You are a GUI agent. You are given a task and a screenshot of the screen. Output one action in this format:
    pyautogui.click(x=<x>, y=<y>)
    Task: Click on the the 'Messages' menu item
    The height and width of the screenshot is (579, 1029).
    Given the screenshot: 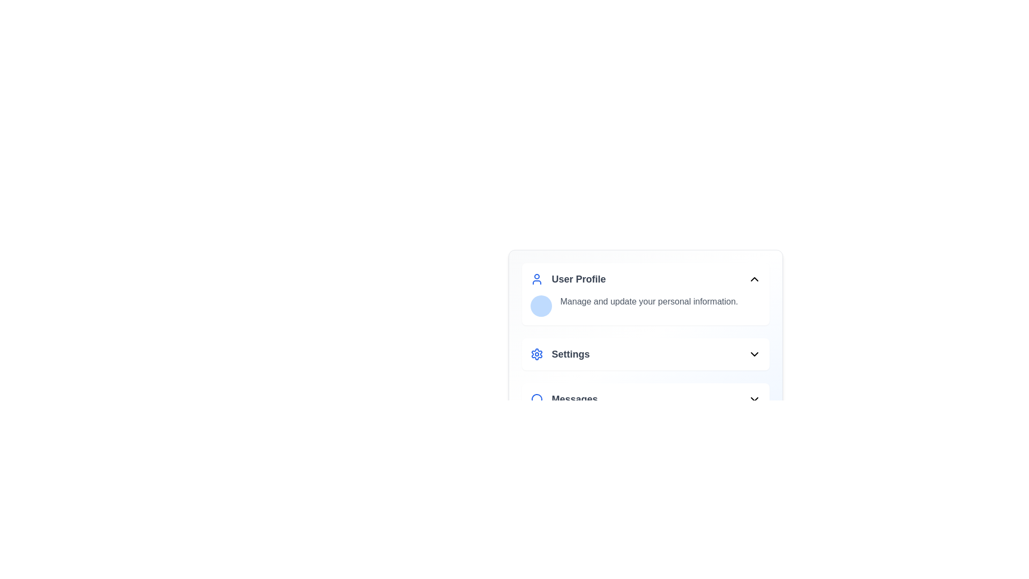 What is the action you would take?
    pyautogui.click(x=563, y=399)
    